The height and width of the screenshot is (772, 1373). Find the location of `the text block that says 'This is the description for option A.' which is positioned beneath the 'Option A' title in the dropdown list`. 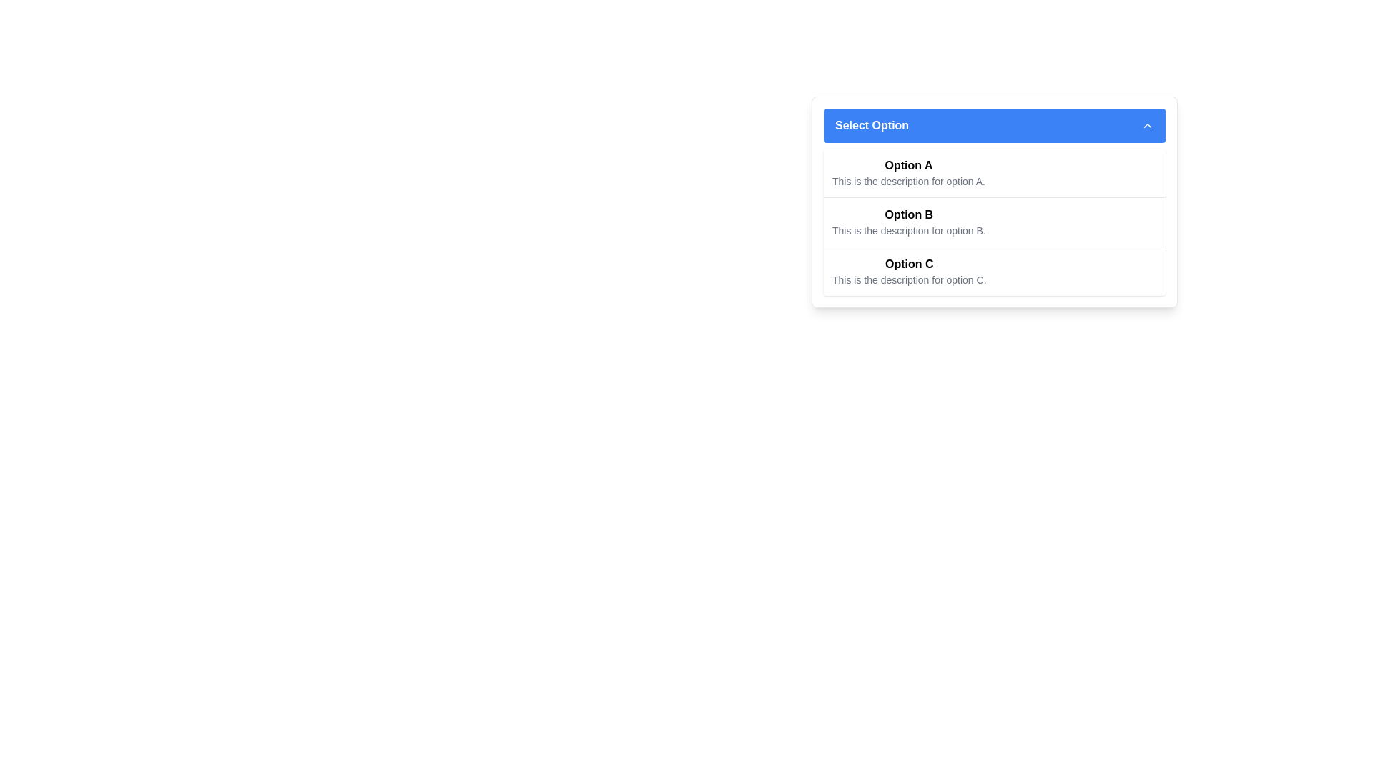

the text block that says 'This is the description for option A.' which is positioned beneath the 'Option A' title in the dropdown list is located at coordinates (908, 181).